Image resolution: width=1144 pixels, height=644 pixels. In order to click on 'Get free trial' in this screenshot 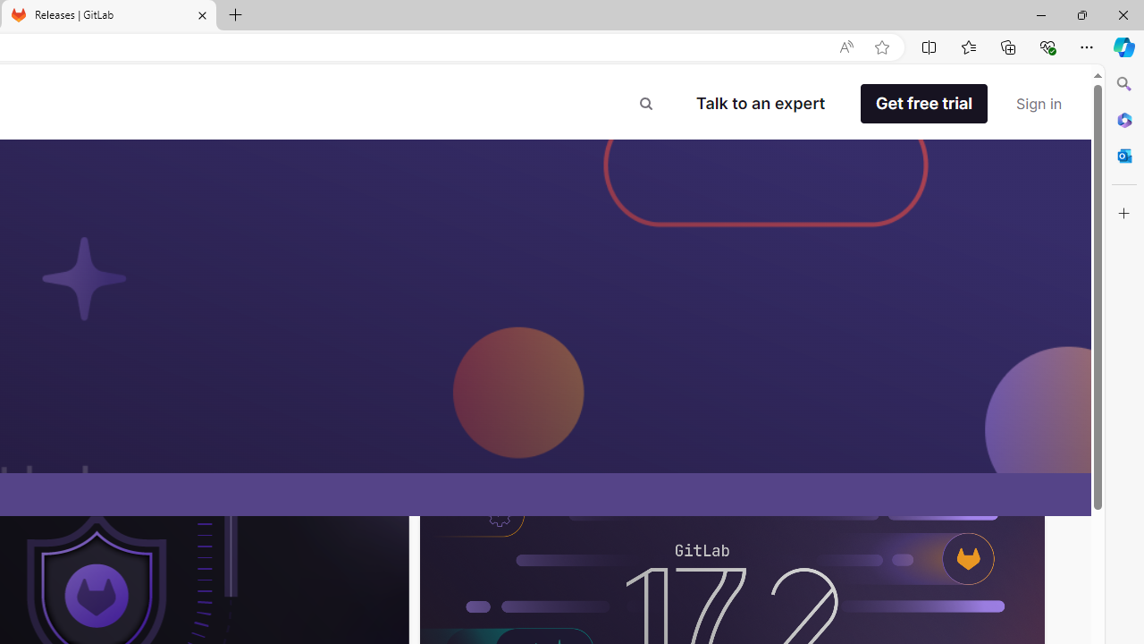, I will do `click(923, 104)`.